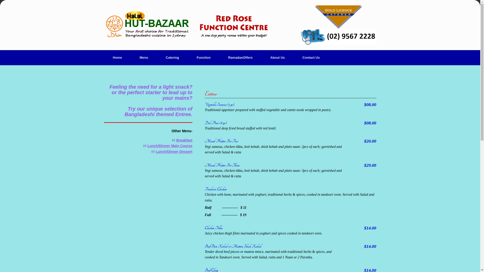 The image size is (484, 272). Describe the element at coordinates (117, 57) in the screenshot. I see `'Home'` at that location.